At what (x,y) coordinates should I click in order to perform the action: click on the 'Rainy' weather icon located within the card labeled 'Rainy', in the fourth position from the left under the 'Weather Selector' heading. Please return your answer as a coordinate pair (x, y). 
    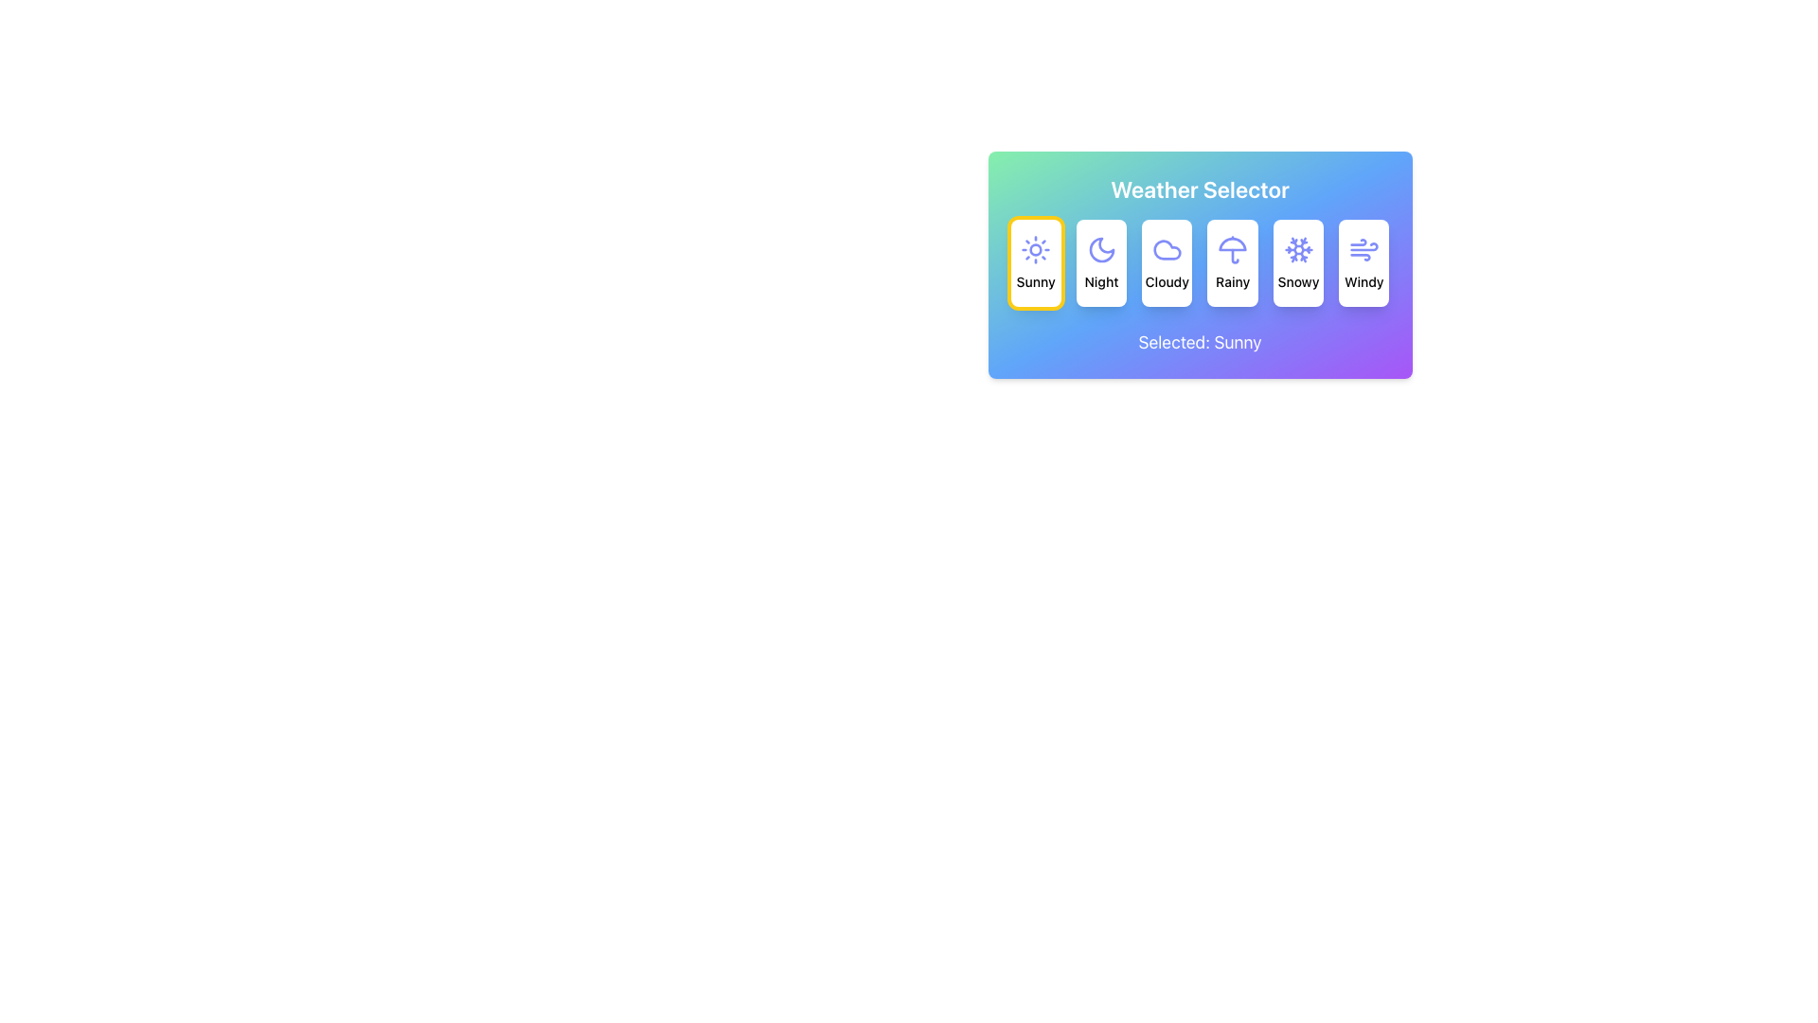
    Looking at the image, I should click on (1233, 248).